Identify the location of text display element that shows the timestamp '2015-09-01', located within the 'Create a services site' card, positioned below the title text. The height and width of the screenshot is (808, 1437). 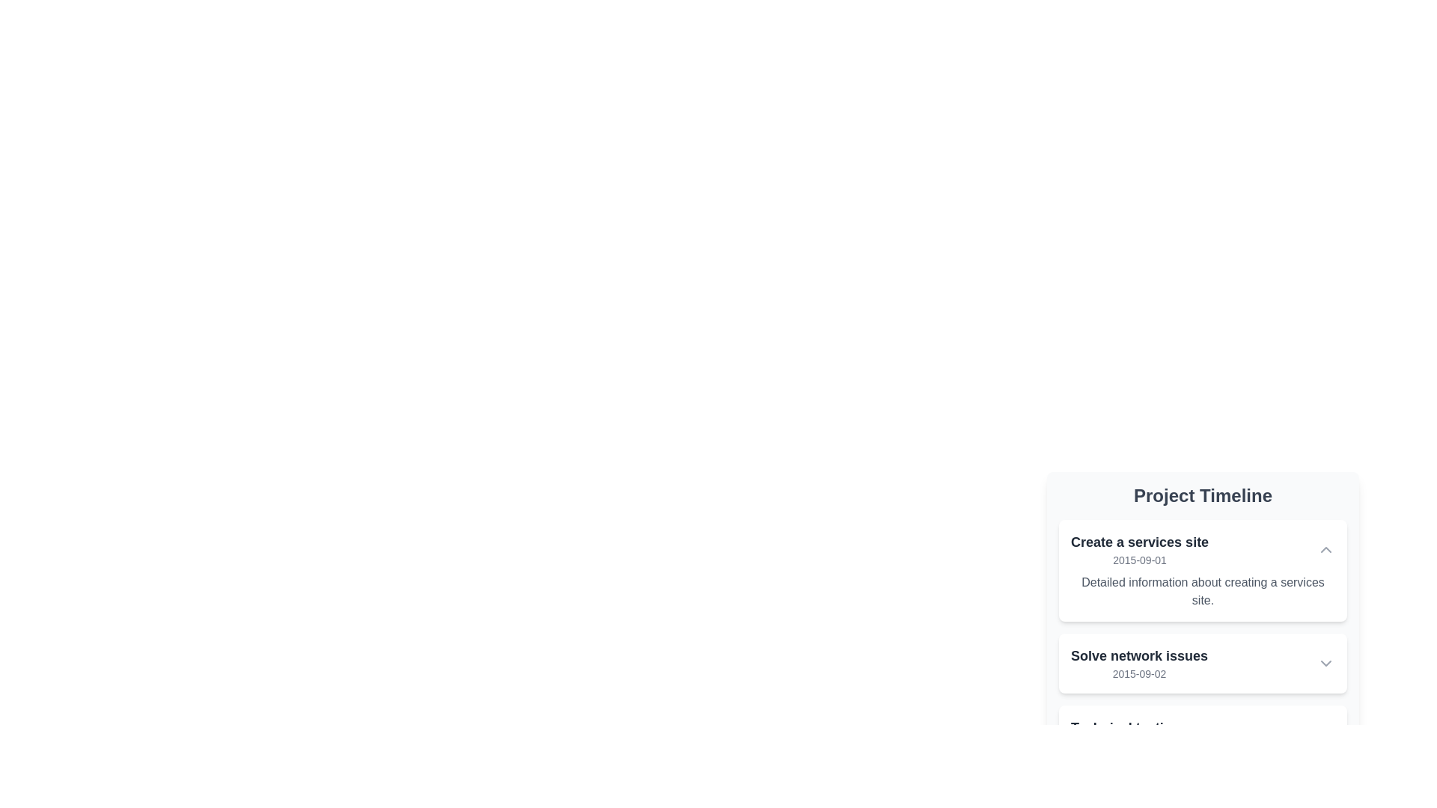
(1139, 560).